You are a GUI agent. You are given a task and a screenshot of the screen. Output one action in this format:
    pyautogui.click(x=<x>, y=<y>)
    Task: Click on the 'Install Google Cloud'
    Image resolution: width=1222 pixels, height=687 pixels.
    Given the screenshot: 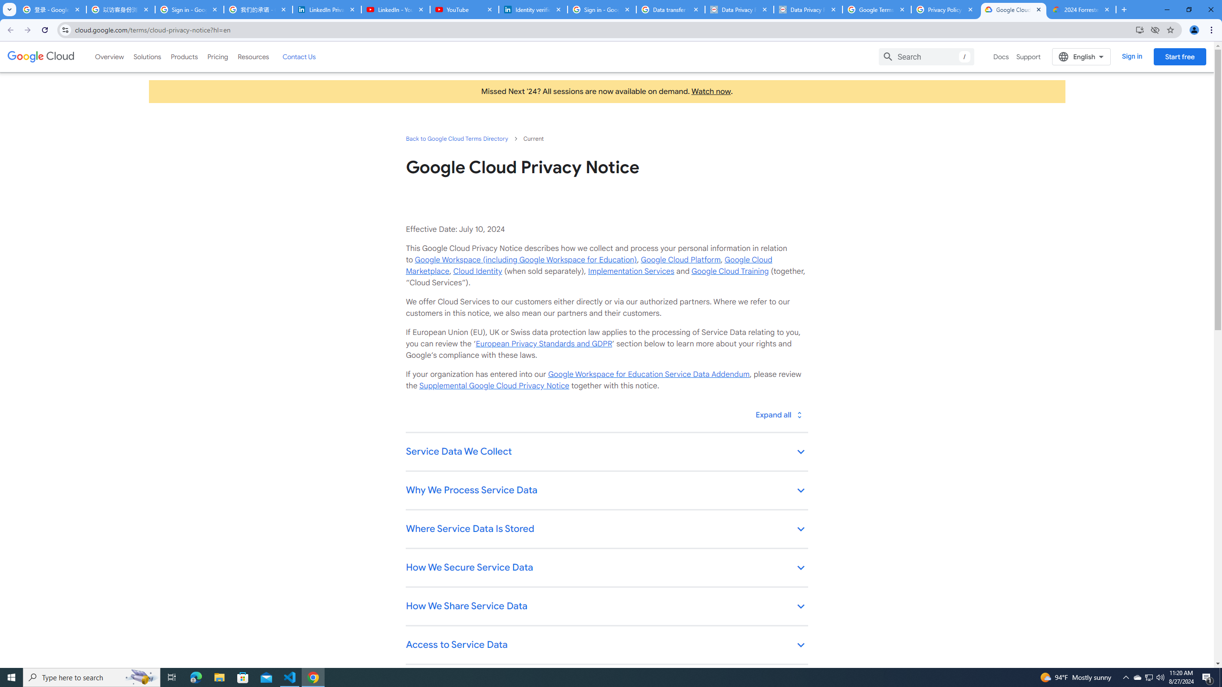 What is the action you would take?
    pyautogui.click(x=1140, y=29)
    